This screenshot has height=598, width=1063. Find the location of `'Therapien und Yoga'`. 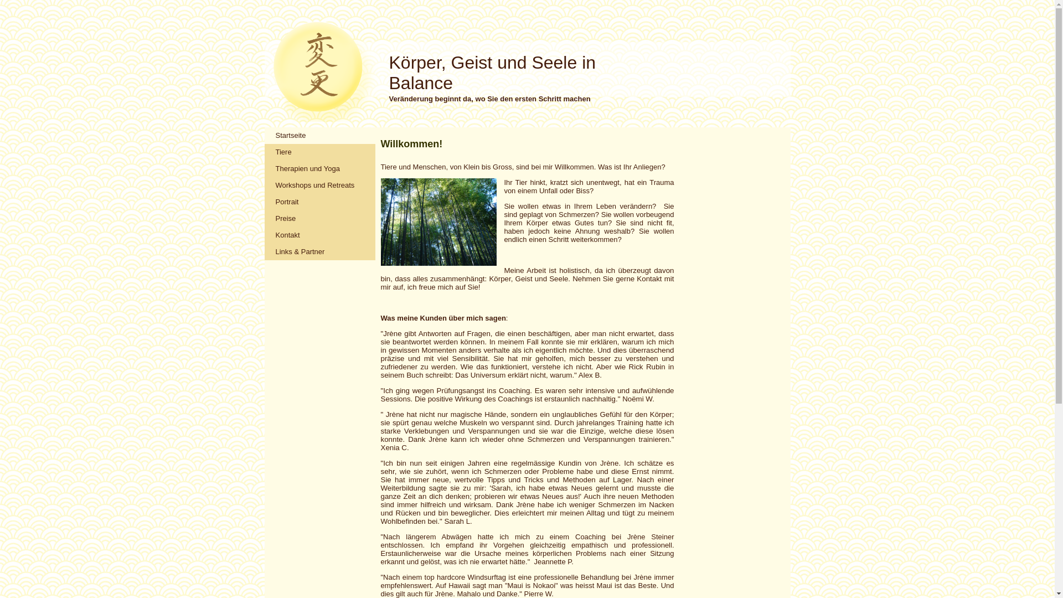

'Therapien und Yoga' is located at coordinates (264, 168).